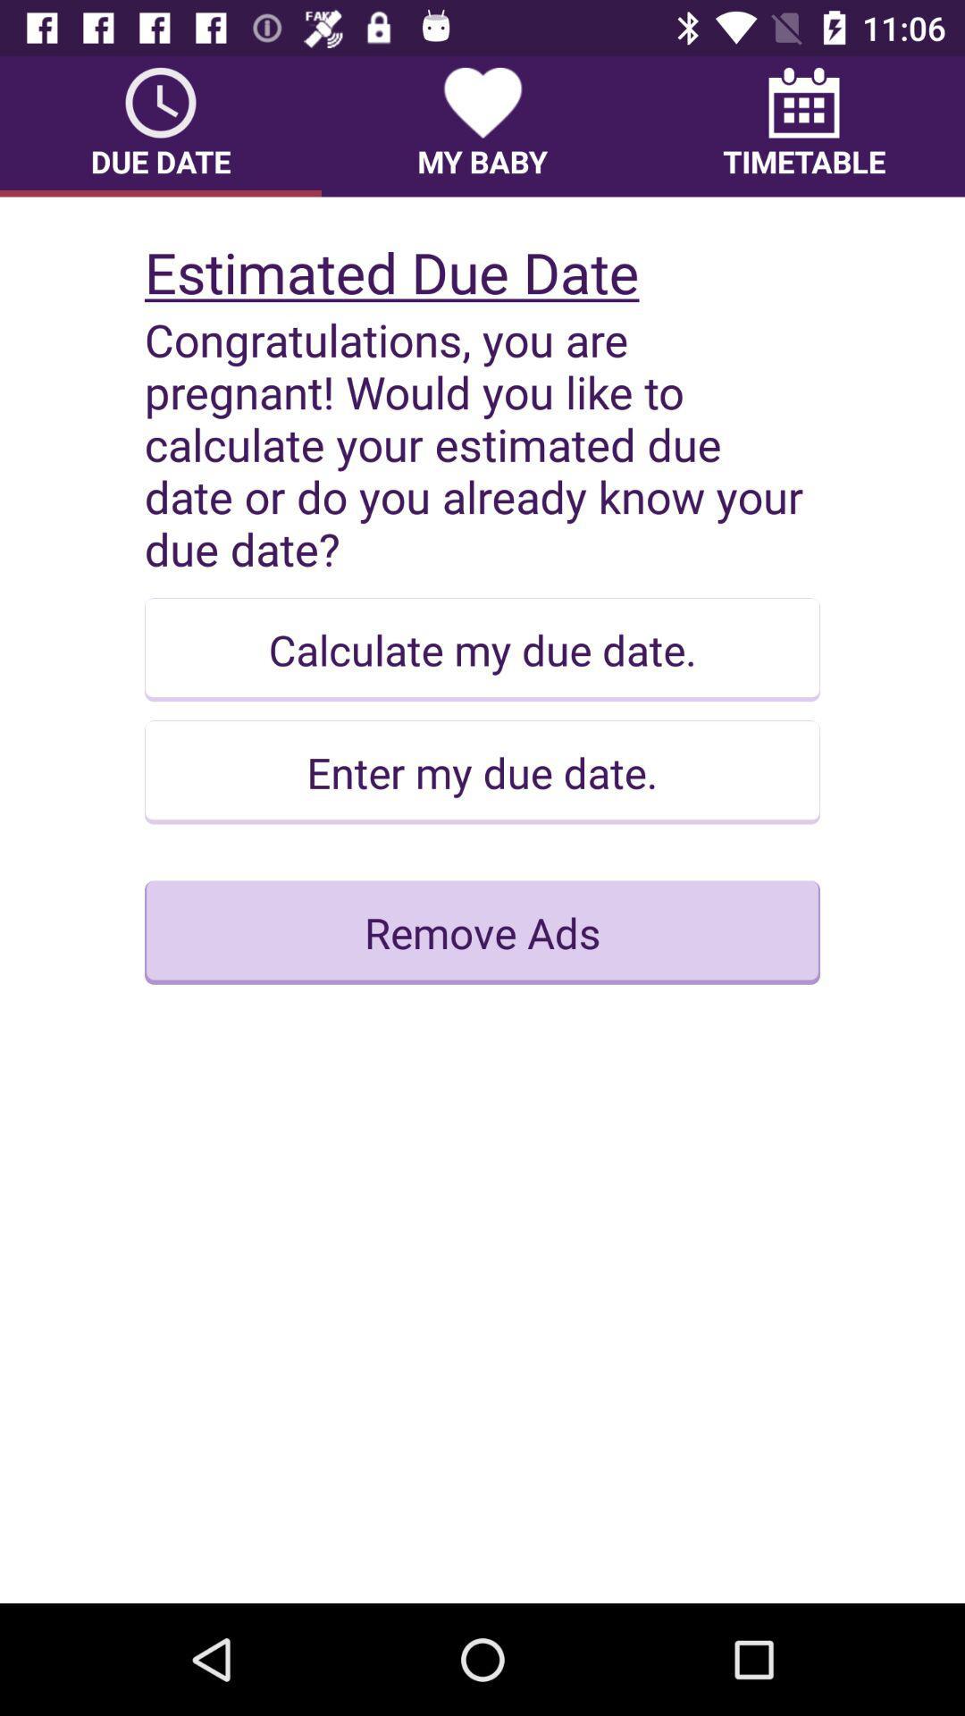 The image size is (965, 1716). I want to click on the my baby item, so click(482, 125).